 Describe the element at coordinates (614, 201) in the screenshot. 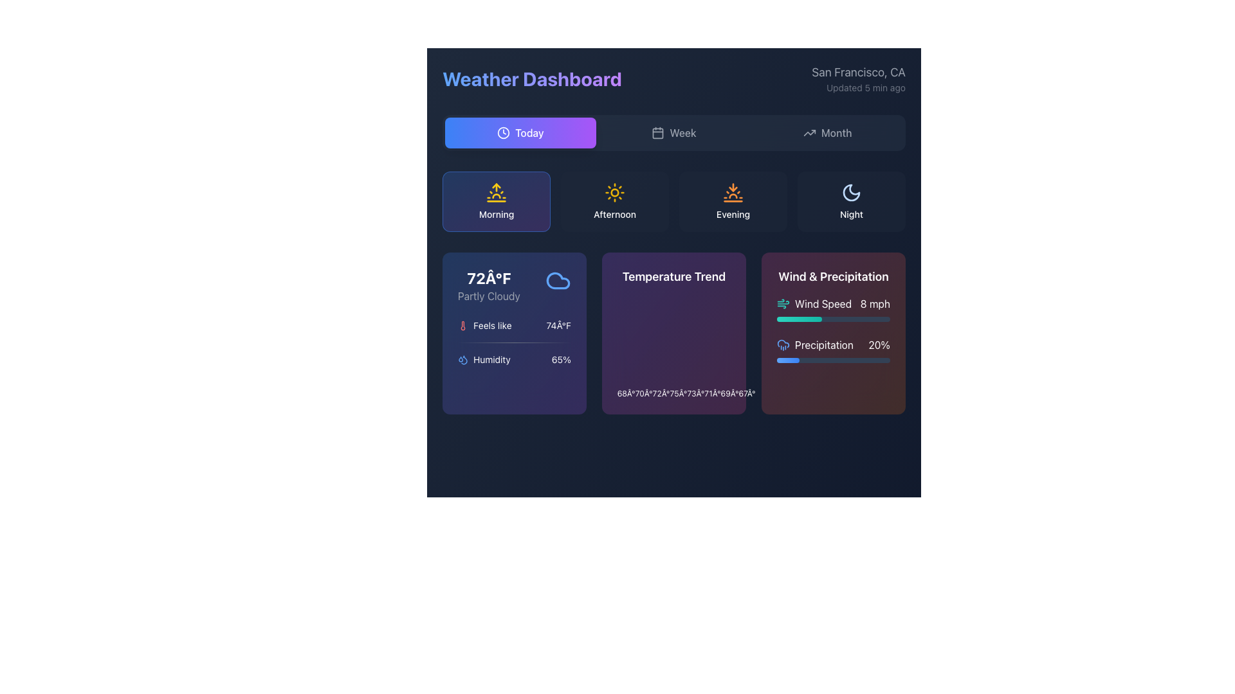

I see `the 'Afternoon' button located in the middle top row of the Weather Dashboard, positioned between the 'Morning' and 'Evening' sections` at that location.